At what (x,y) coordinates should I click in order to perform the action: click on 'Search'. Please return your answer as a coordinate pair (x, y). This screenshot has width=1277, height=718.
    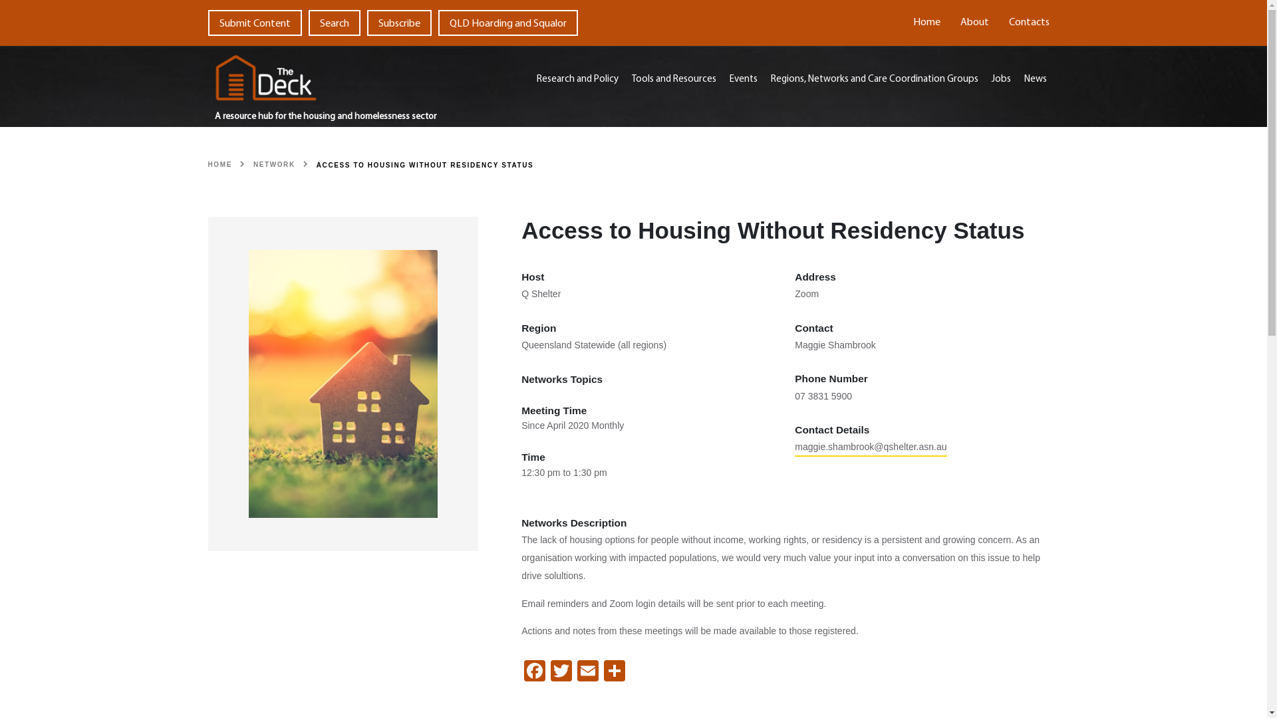
    Looking at the image, I should click on (308, 23).